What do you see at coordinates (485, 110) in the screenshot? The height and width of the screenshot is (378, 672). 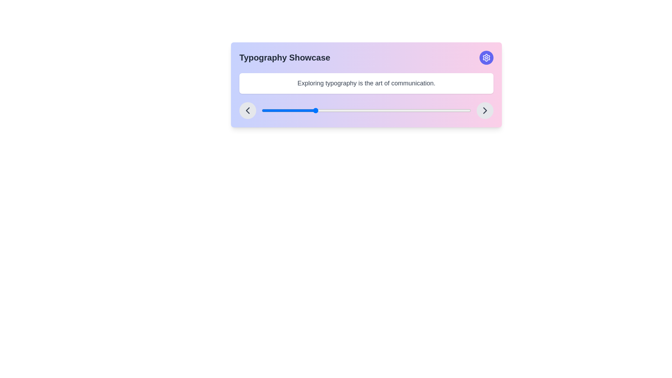 I see `the right-facing chevron icon within the gray circular button` at bounding box center [485, 110].